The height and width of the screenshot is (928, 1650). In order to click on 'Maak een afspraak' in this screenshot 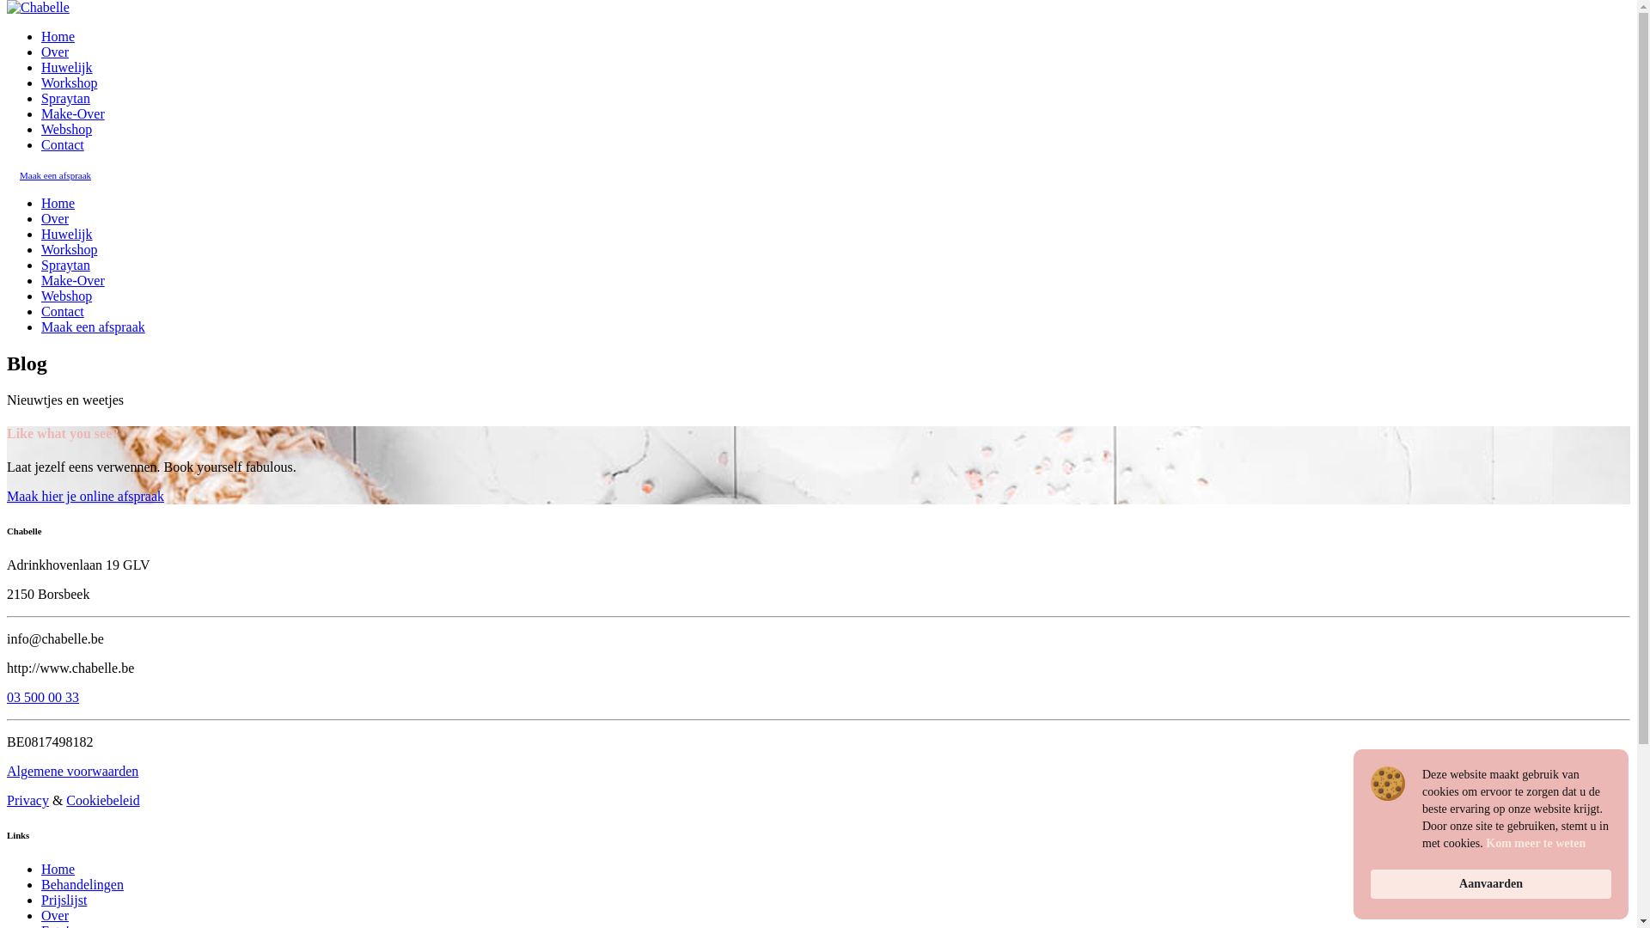, I will do `click(92, 327)`.